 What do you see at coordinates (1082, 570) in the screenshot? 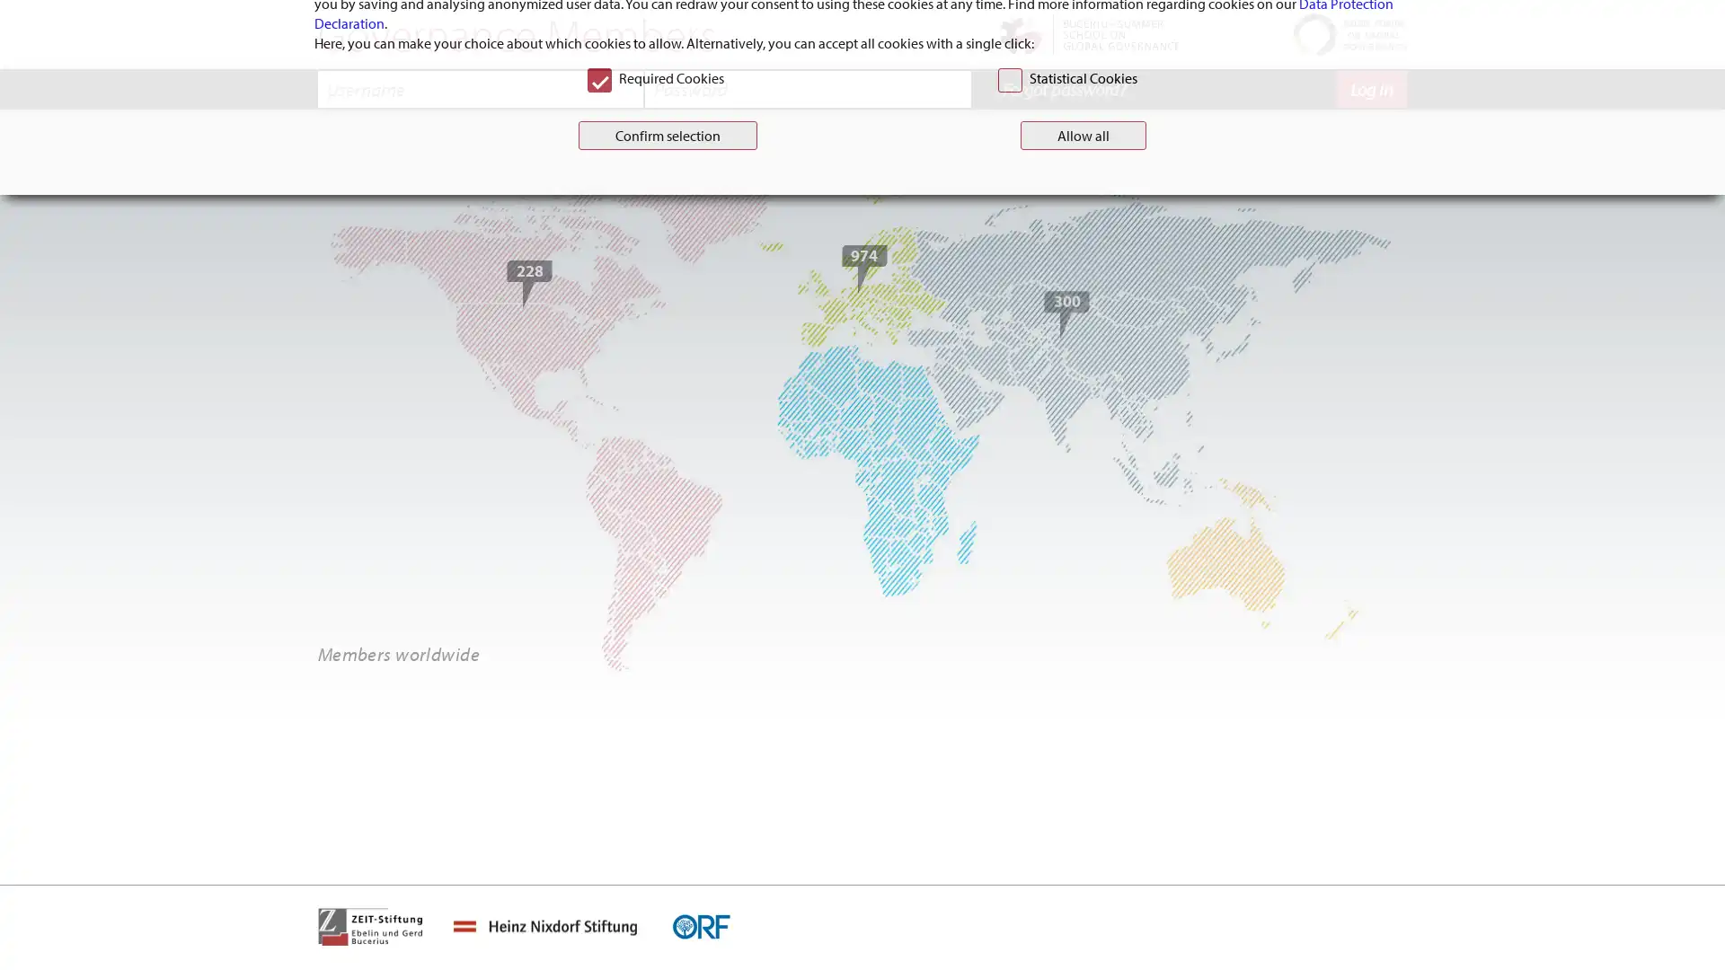
I see `Allow all` at bounding box center [1082, 570].